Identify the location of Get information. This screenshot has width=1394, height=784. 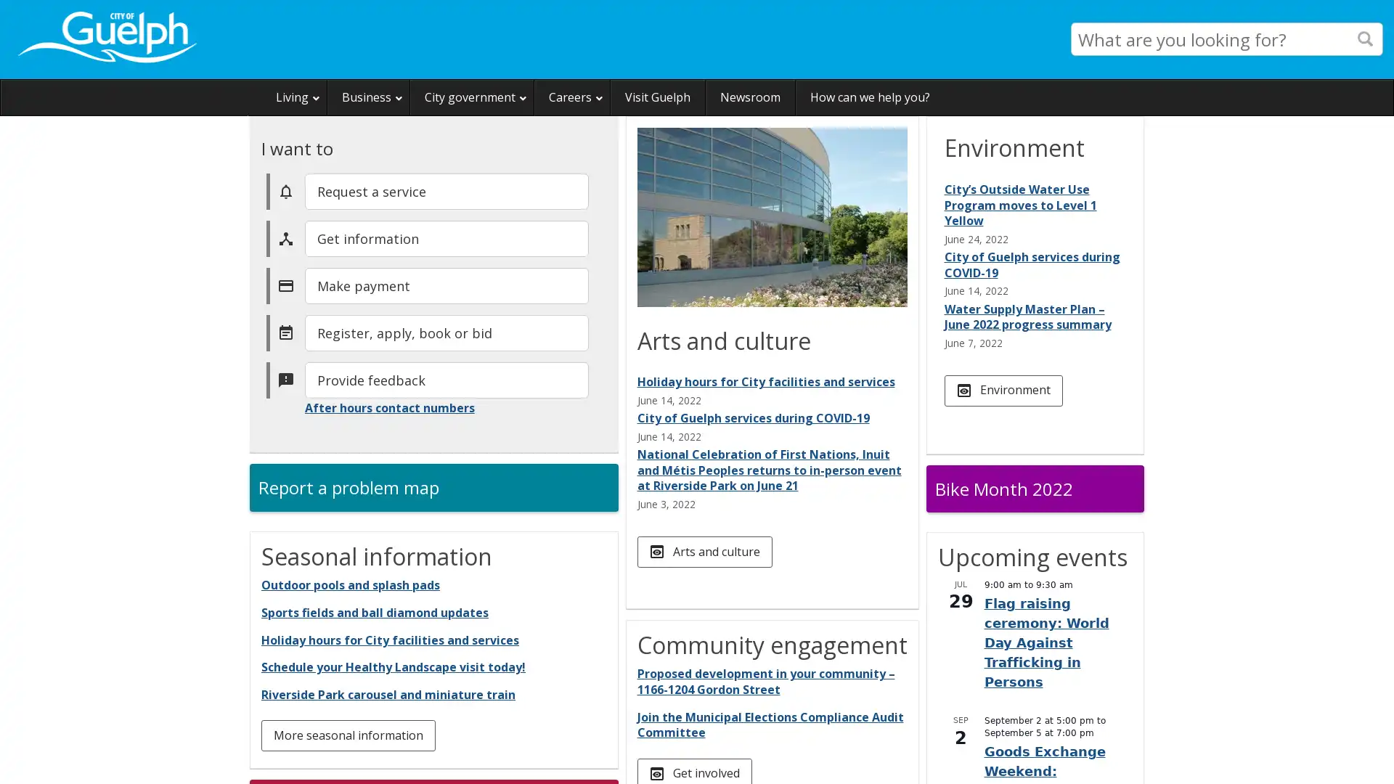
(445, 237).